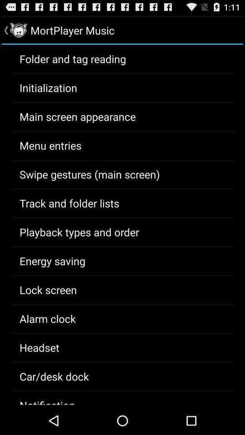 Image resolution: width=245 pixels, height=435 pixels. What do you see at coordinates (48, 289) in the screenshot?
I see `lock screen item` at bounding box center [48, 289].